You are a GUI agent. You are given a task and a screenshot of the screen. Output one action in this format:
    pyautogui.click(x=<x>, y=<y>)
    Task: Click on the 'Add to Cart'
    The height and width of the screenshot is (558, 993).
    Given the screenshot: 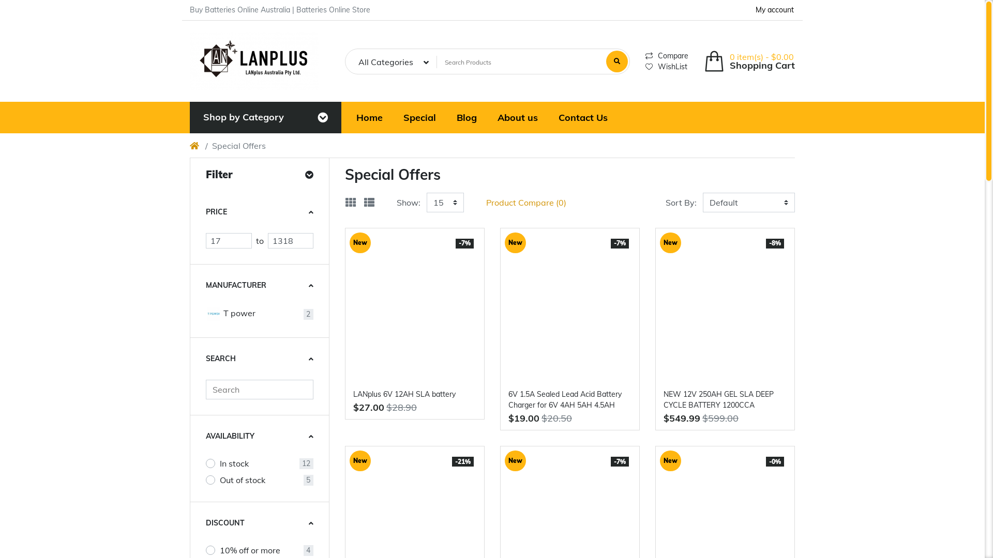 What is the action you would take?
    pyautogui.click(x=680, y=436)
    